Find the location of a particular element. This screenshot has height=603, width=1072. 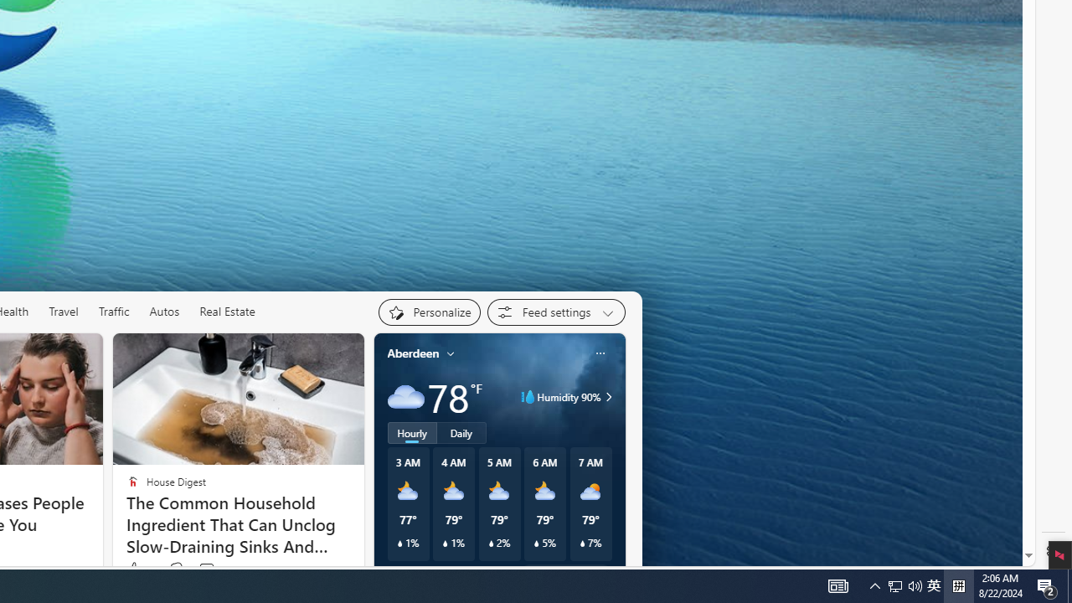

'Autos' is located at coordinates (165, 311).